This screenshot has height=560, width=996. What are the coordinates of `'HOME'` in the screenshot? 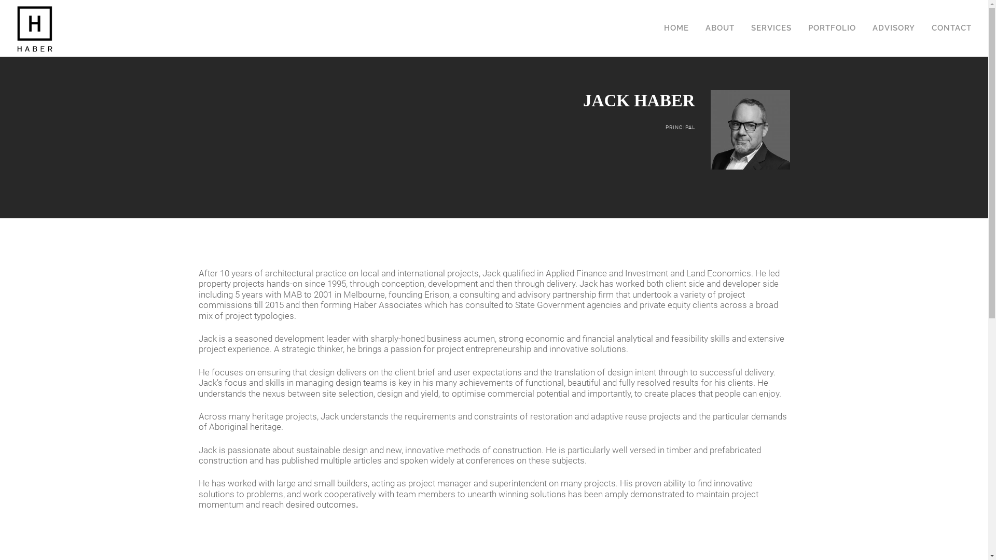 It's located at (664, 14).